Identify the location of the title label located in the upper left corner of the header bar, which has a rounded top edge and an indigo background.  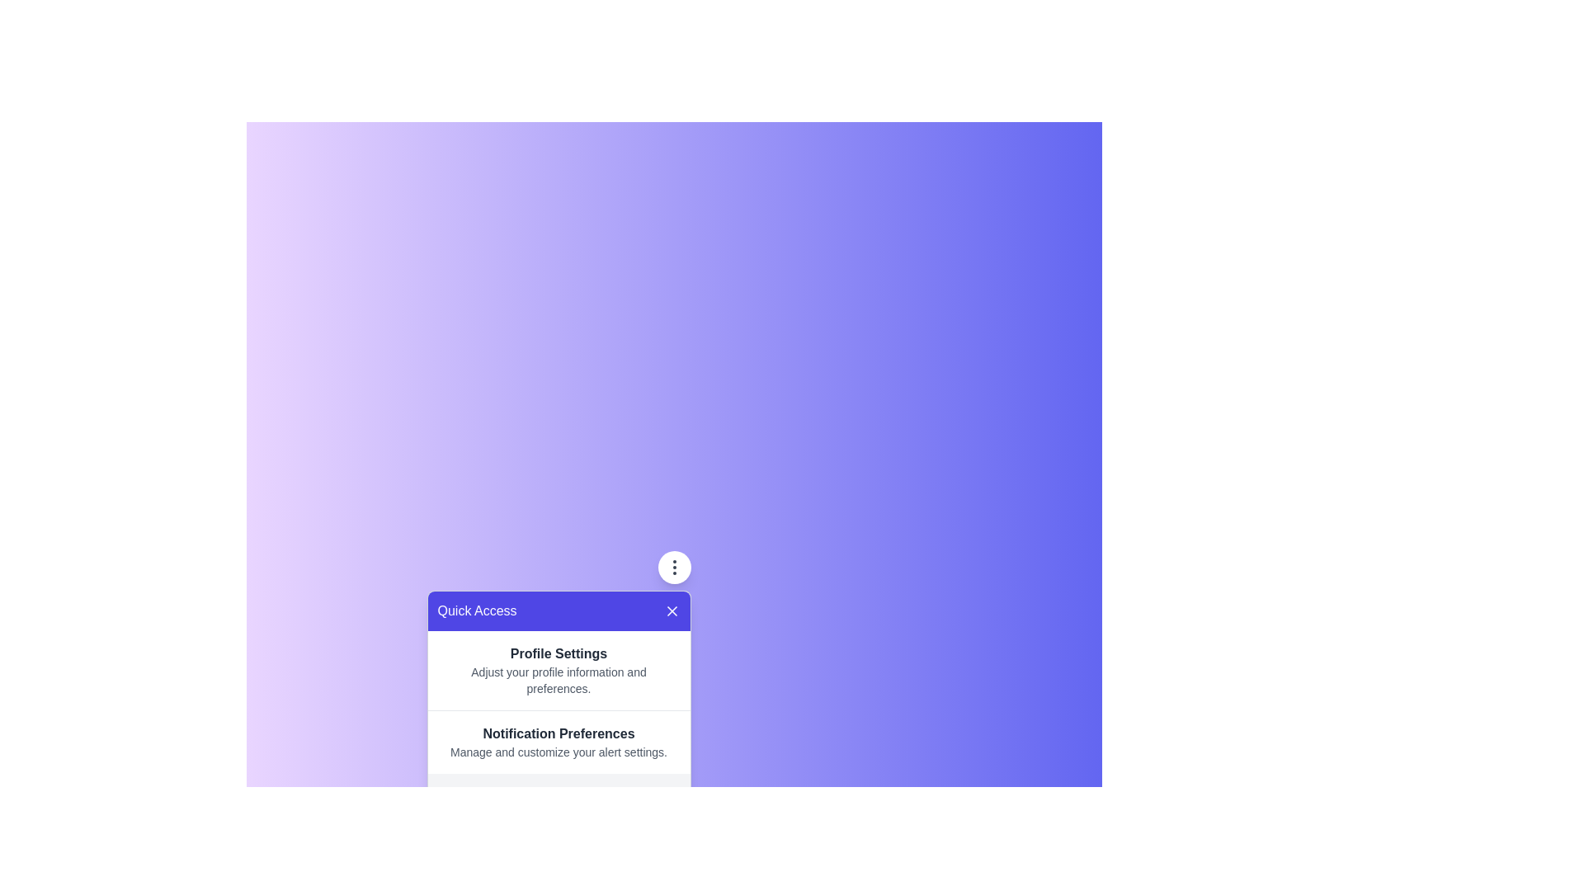
(476, 610).